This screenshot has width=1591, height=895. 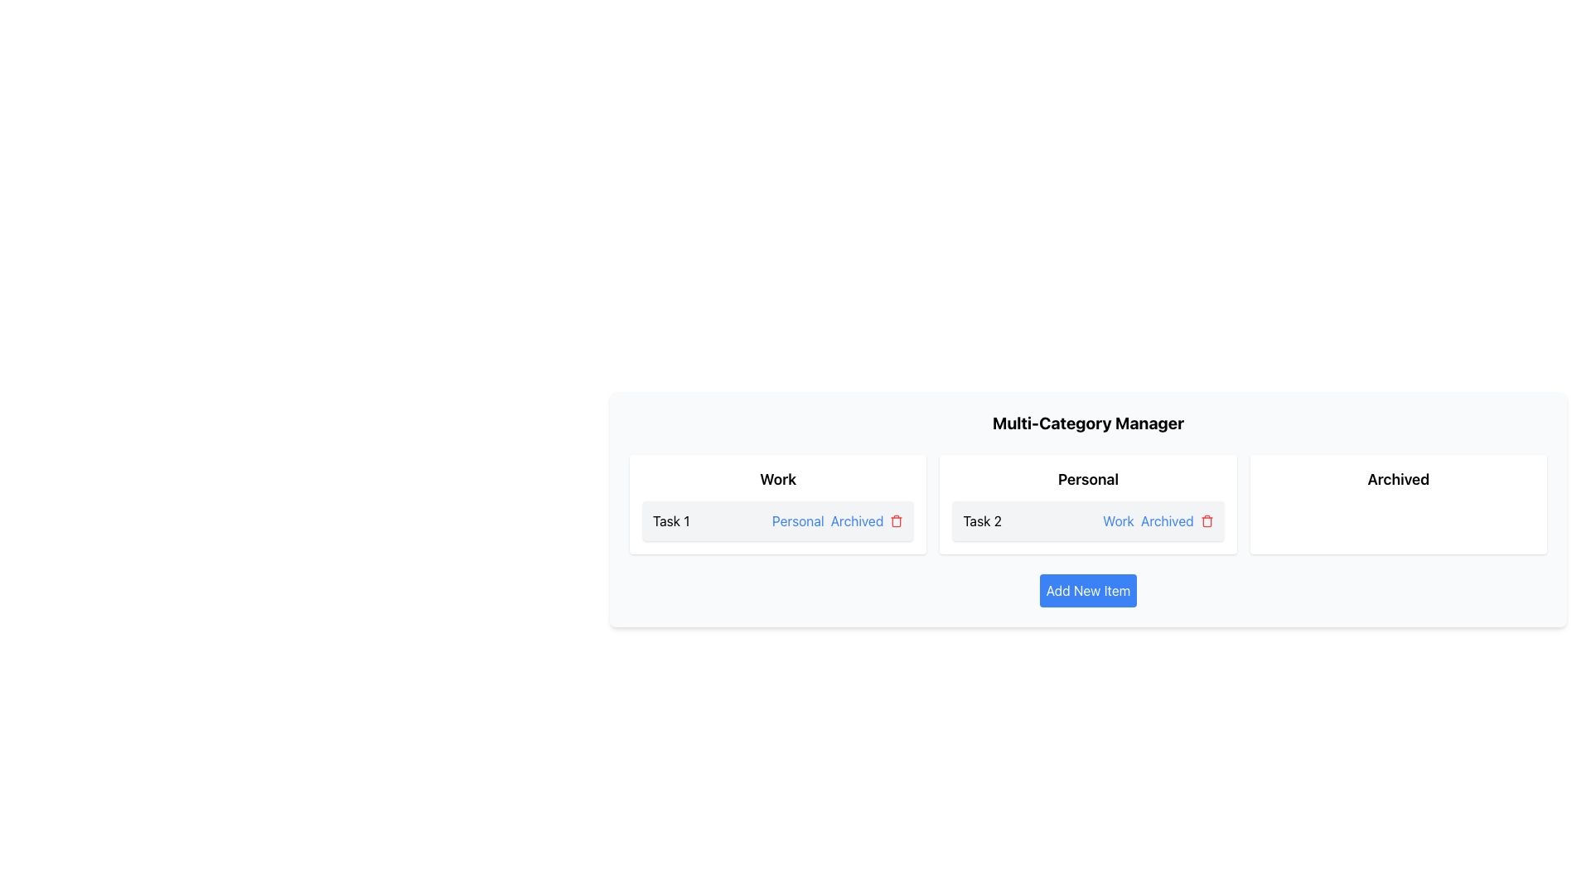 What do you see at coordinates (1088, 520) in the screenshot?
I see `the 'Work' or 'Archived' link within the 'Task 2' list item in the 'Personal' category` at bounding box center [1088, 520].